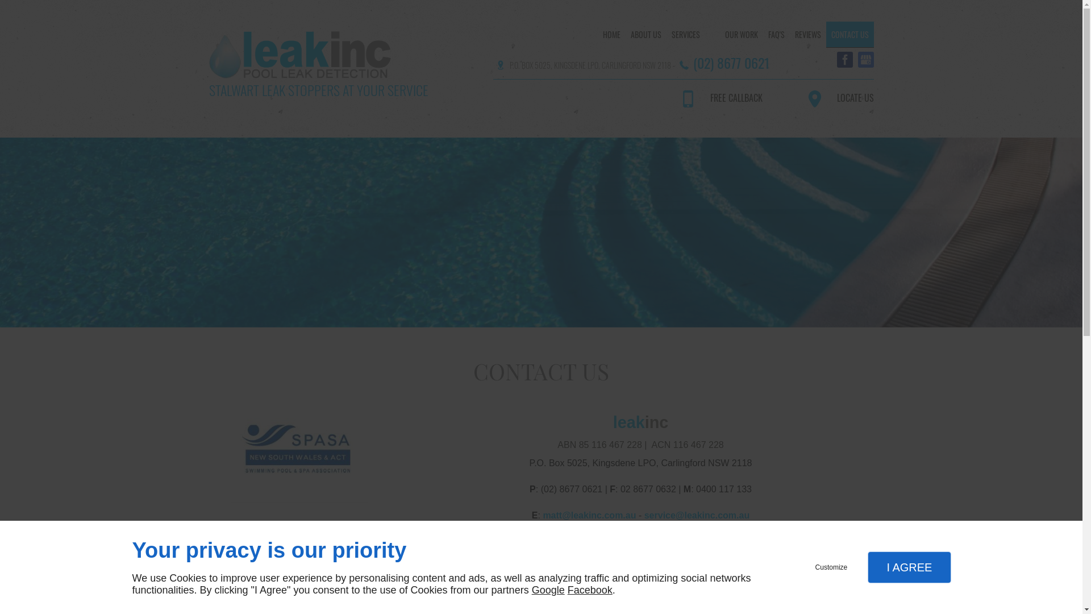 The height and width of the screenshot is (614, 1091). What do you see at coordinates (611, 34) in the screenshot?
I see `'HOME'` at bounding box center [611, 34].